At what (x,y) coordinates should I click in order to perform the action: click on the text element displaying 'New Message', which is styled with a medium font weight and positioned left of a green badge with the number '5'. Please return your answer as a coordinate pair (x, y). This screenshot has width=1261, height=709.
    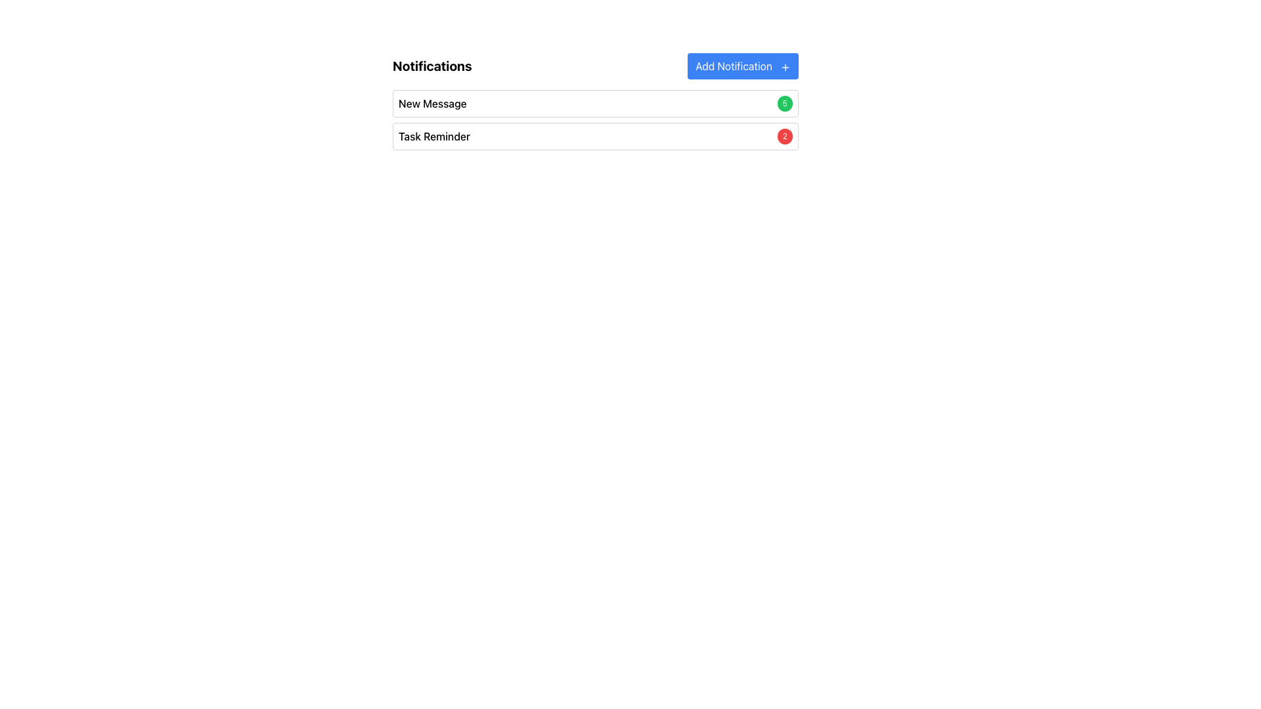
    Looking at the image, I should click on (432, 103).